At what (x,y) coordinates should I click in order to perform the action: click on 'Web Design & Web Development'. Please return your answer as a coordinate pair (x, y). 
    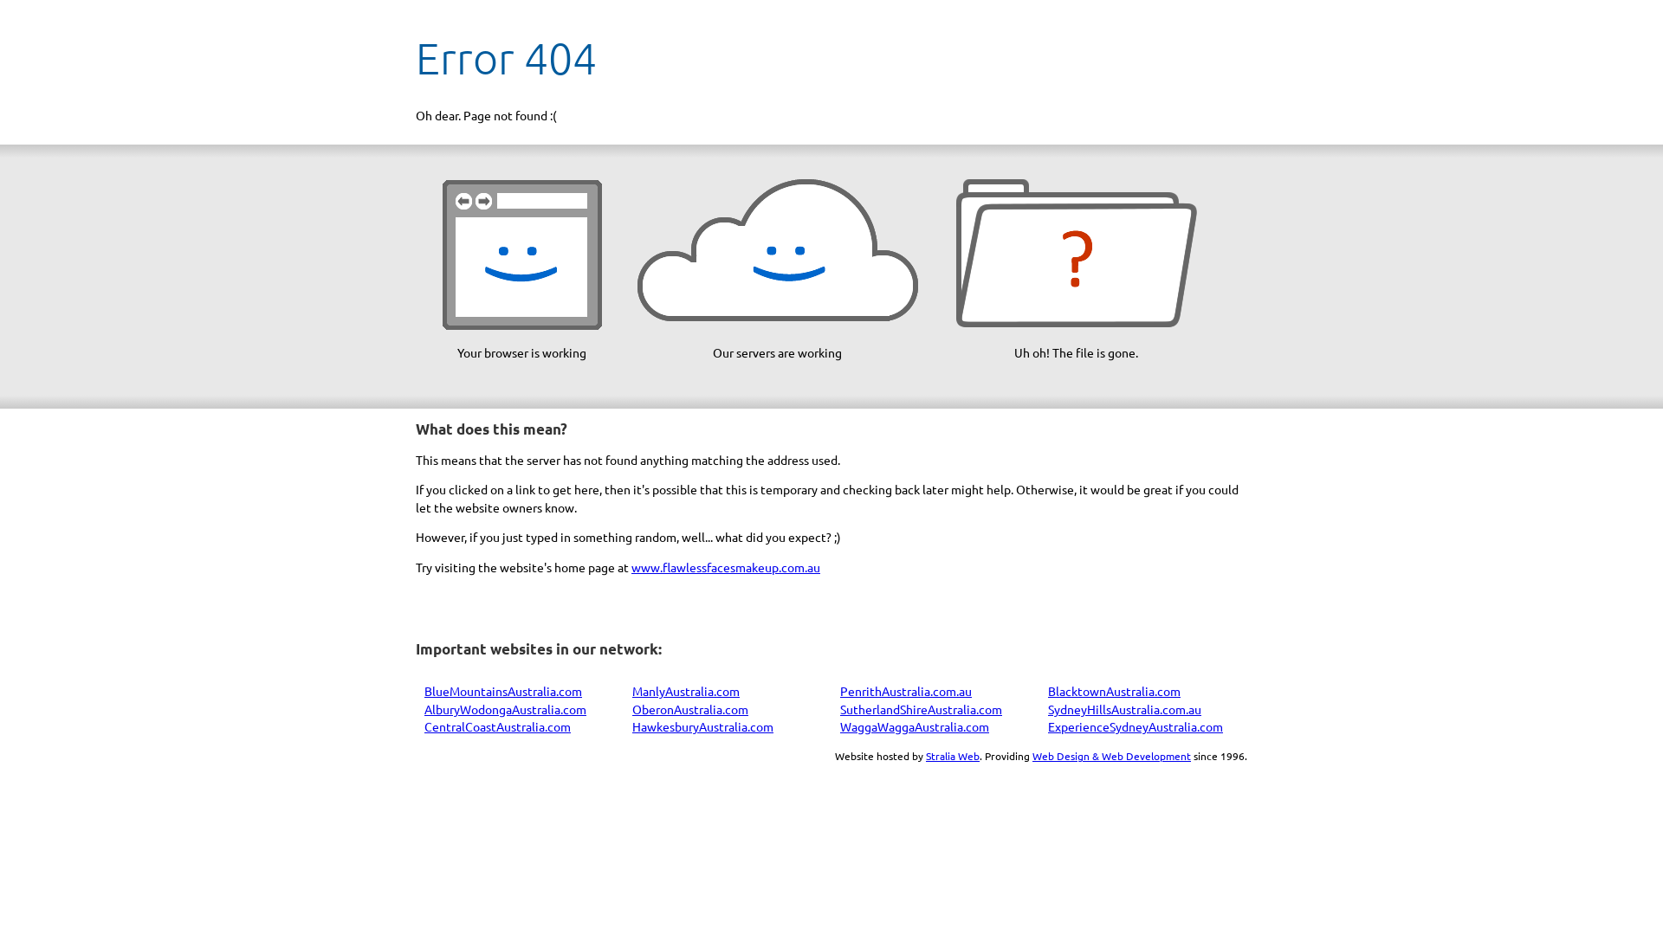
    Looking at the image, I should click on (1111, 754).